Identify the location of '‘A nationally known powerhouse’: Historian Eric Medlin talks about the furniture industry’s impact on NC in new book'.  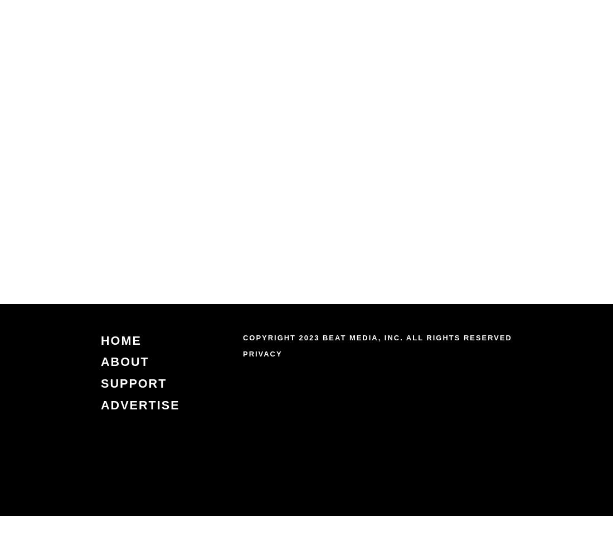
(508, 209).